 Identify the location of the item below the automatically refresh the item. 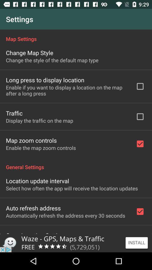
(36, 232).